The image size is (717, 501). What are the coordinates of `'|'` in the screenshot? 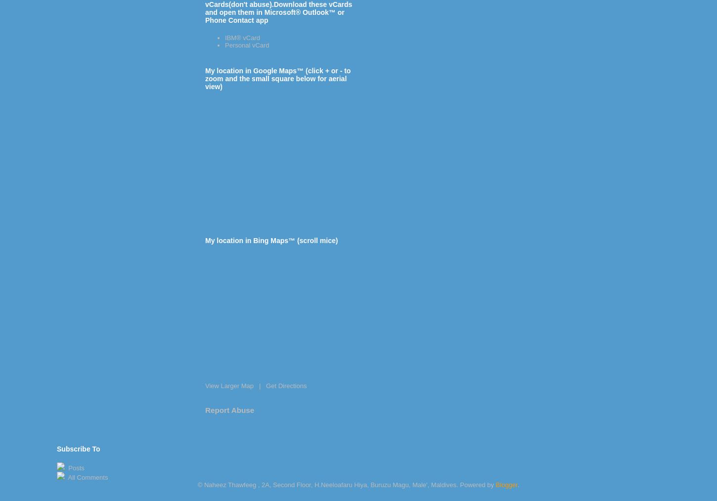 It's located at (260, 385).